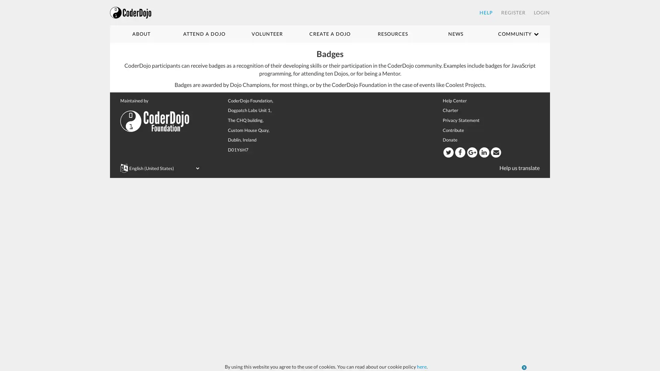  Describe the element at coordinates (524, 367) in the screenshot. I see `x` at that location.